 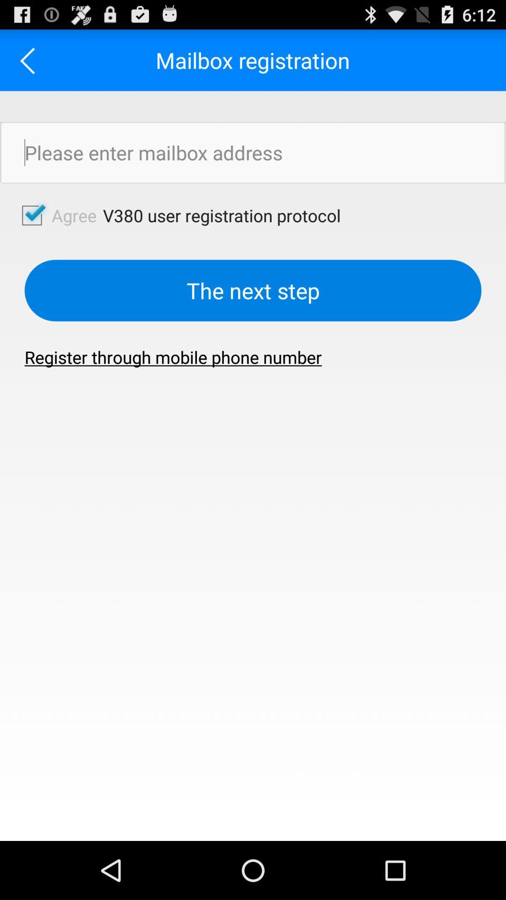 What do you see at coordinates (173, 357) in the screenshot?
I see `the button below the the next step` at bounding box center [173, 357].